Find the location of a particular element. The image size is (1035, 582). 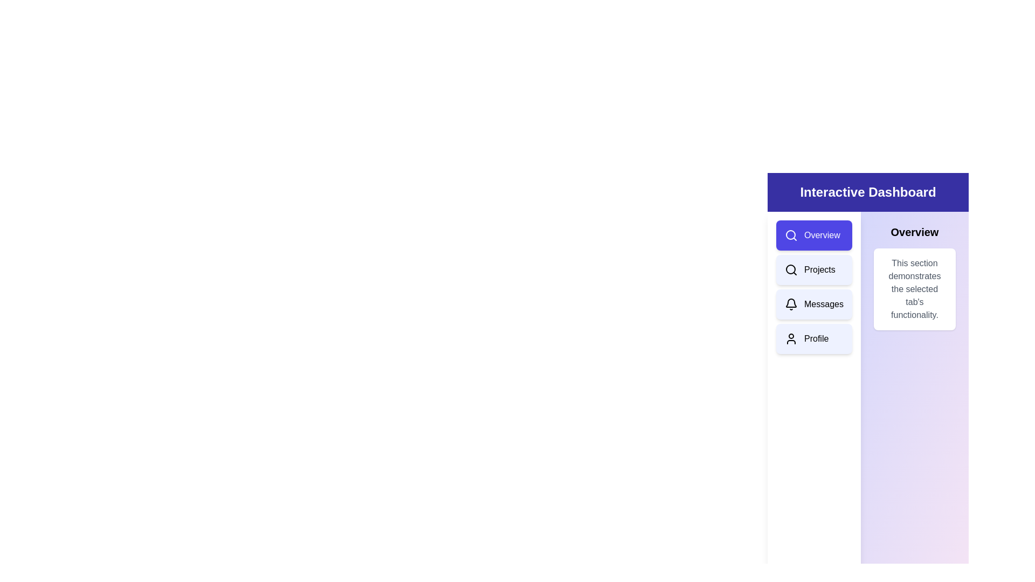

the navigation button for 'Projects' located directly below the 'Overview' button in the left side menu is located at coordinates (814, 269).